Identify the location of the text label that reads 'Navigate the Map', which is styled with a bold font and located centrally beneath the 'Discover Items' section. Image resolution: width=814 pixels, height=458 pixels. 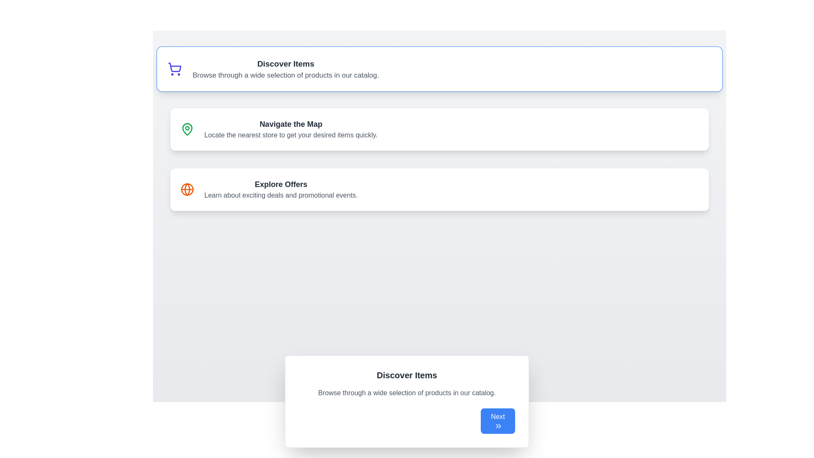
(291, 124).